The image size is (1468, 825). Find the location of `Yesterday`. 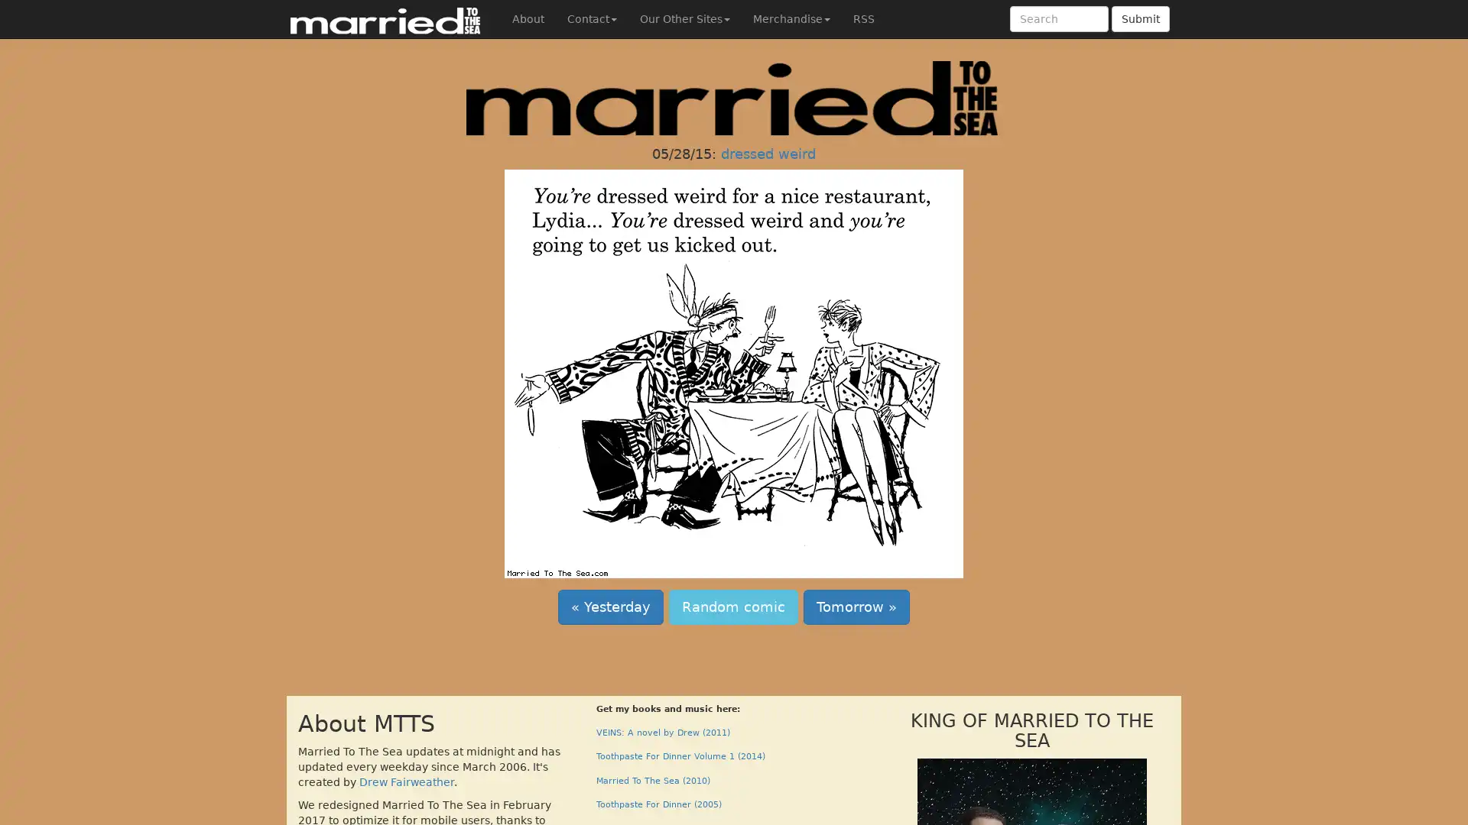

Yesterday is located at coordinates (609, 606).